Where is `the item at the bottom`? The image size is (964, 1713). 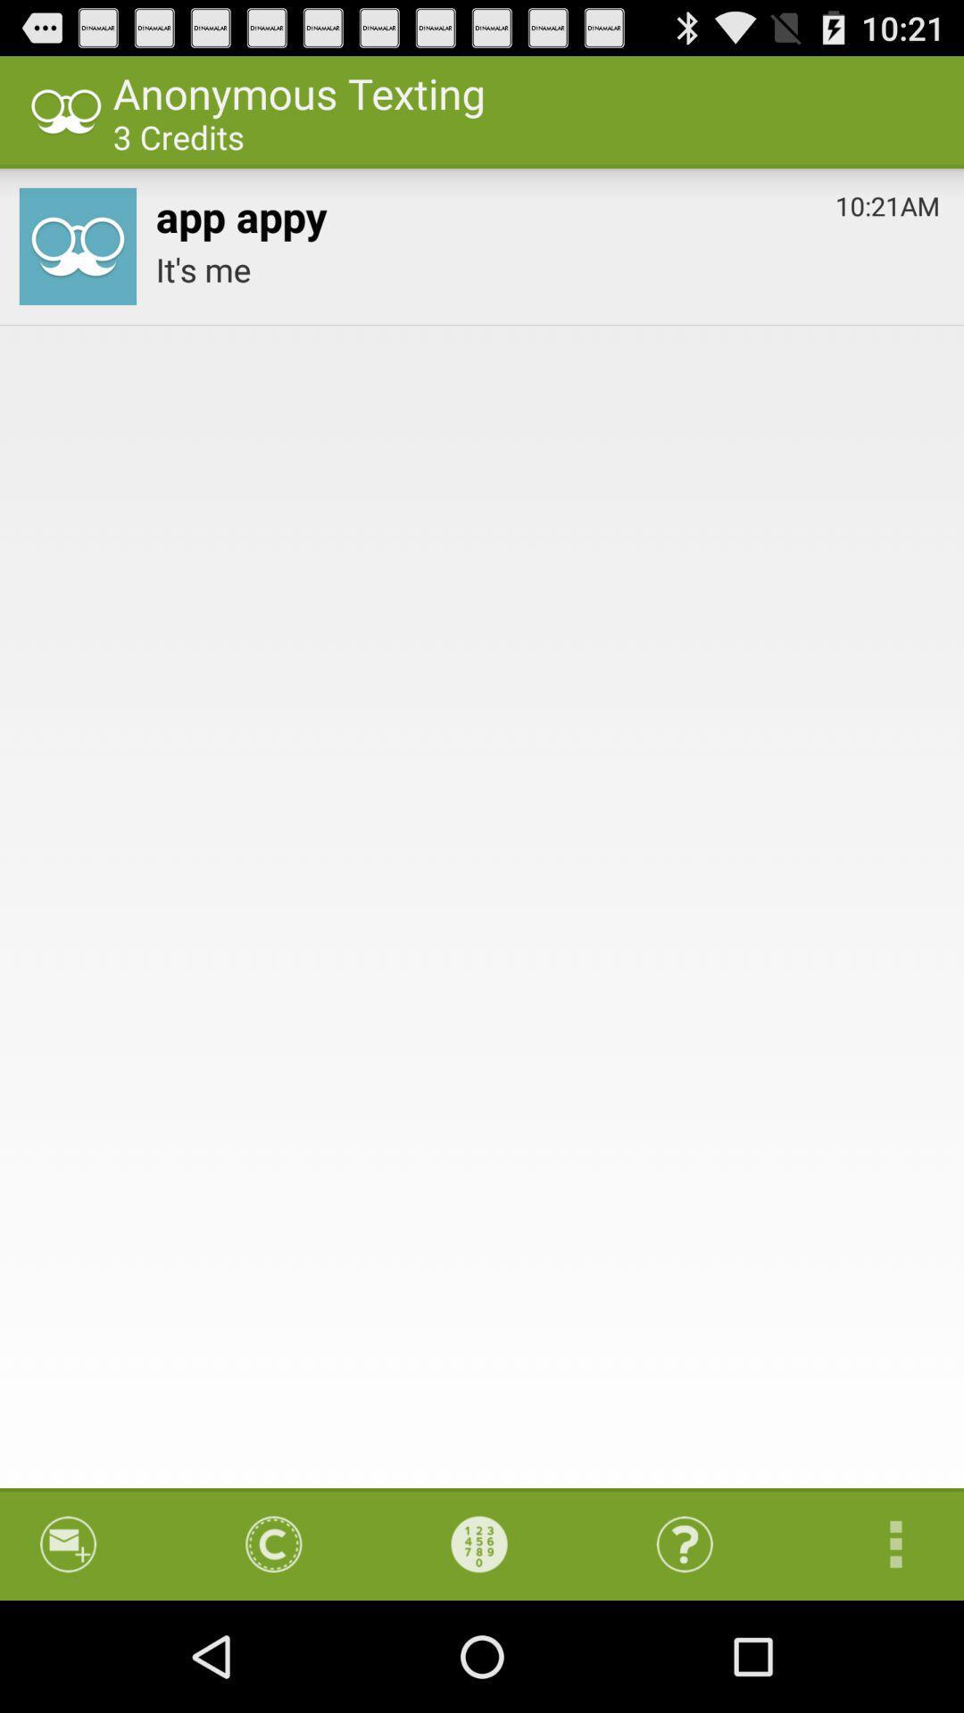 the item at the bottom is located at coordinates (478, 1543).